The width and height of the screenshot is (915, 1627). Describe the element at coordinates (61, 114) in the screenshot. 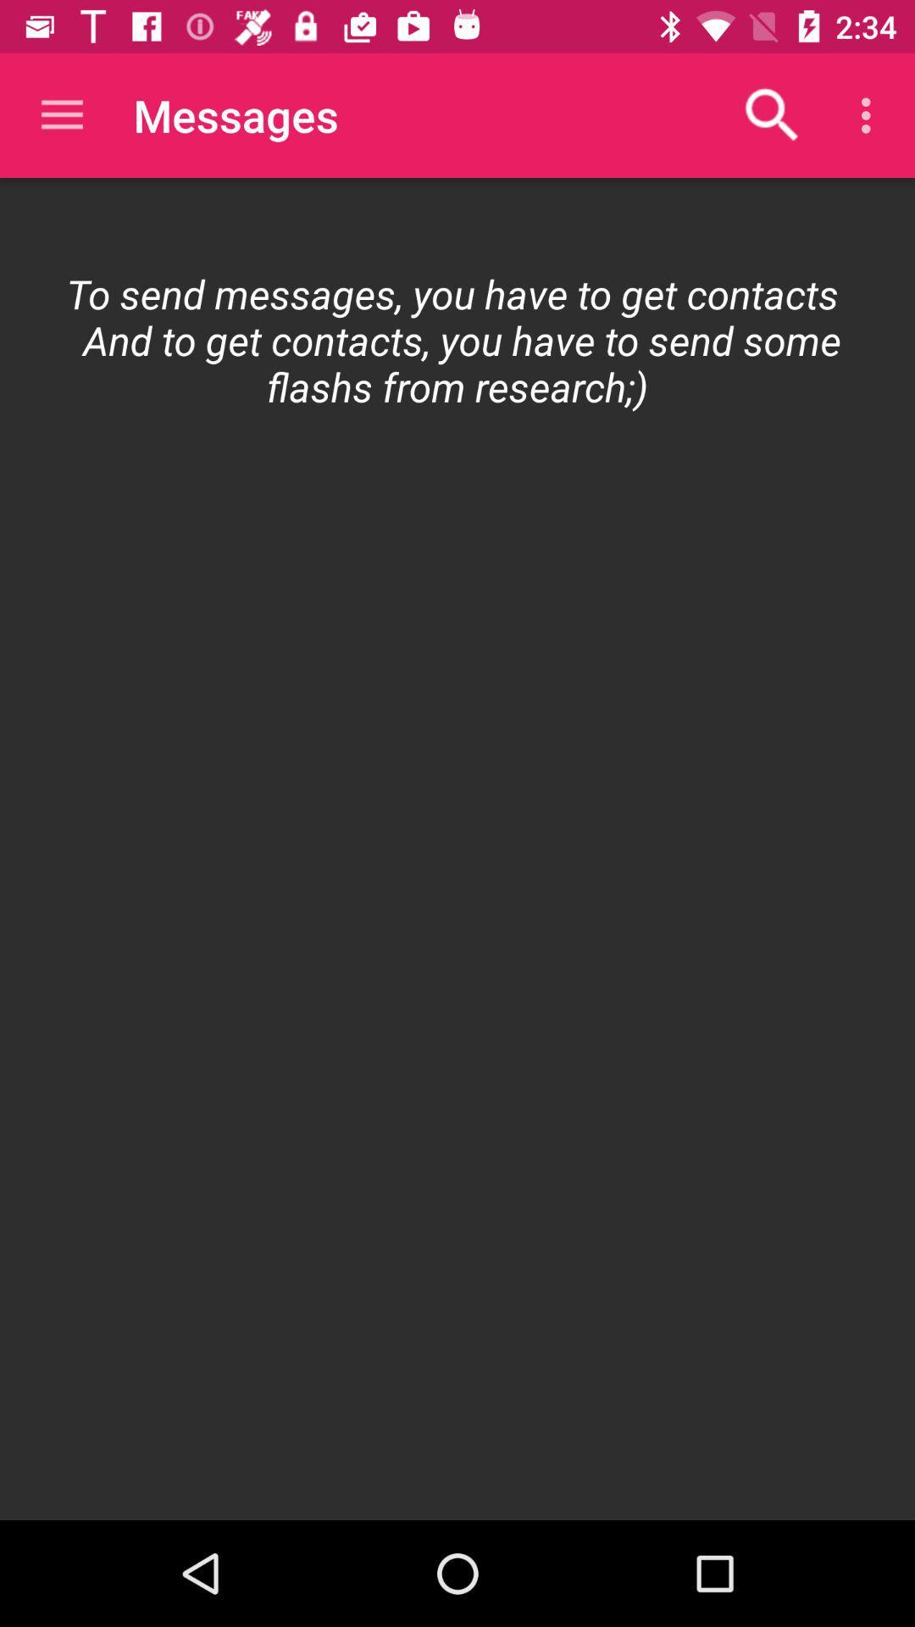

I see `icon above the to send messages icon` at that location.